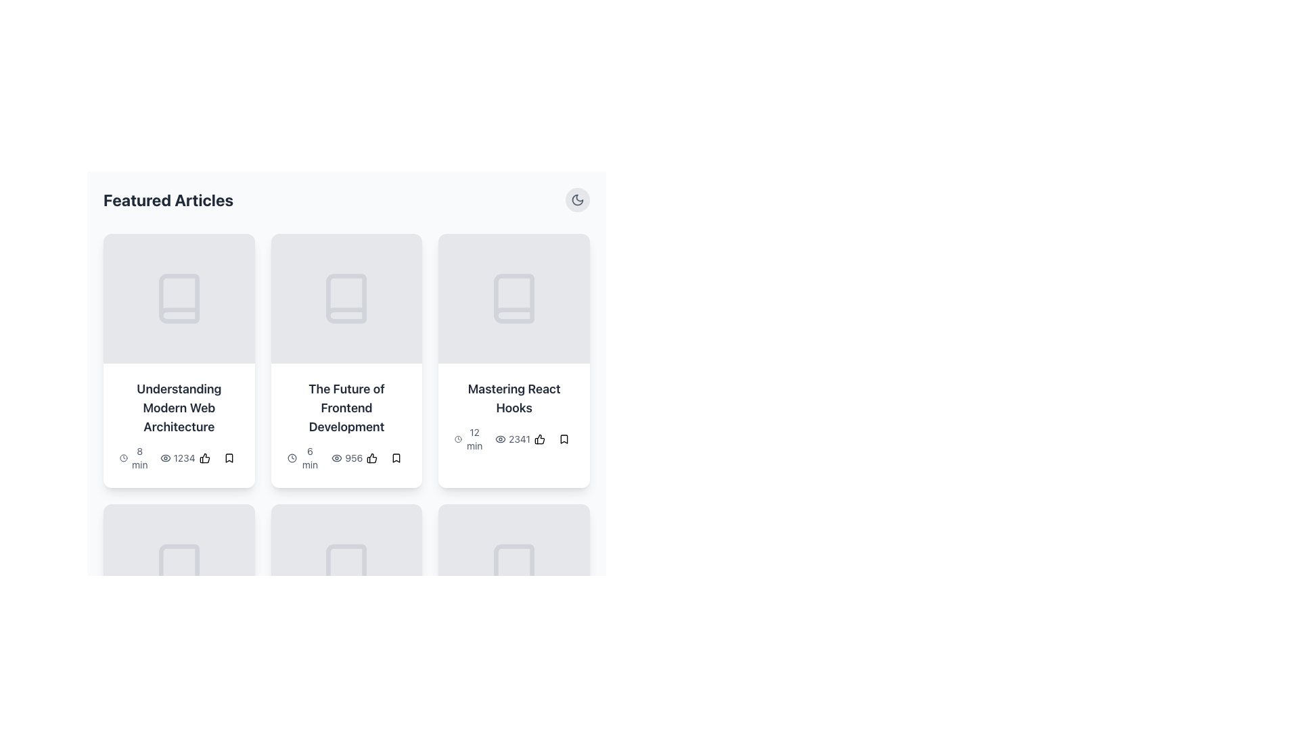 Image resolution: width=1299 pixels, height=730 pixels. I want to click on the bookmark icon located at the bottom-right corner of the article card titled 'Mastering React Hooks', so click(564, 439).